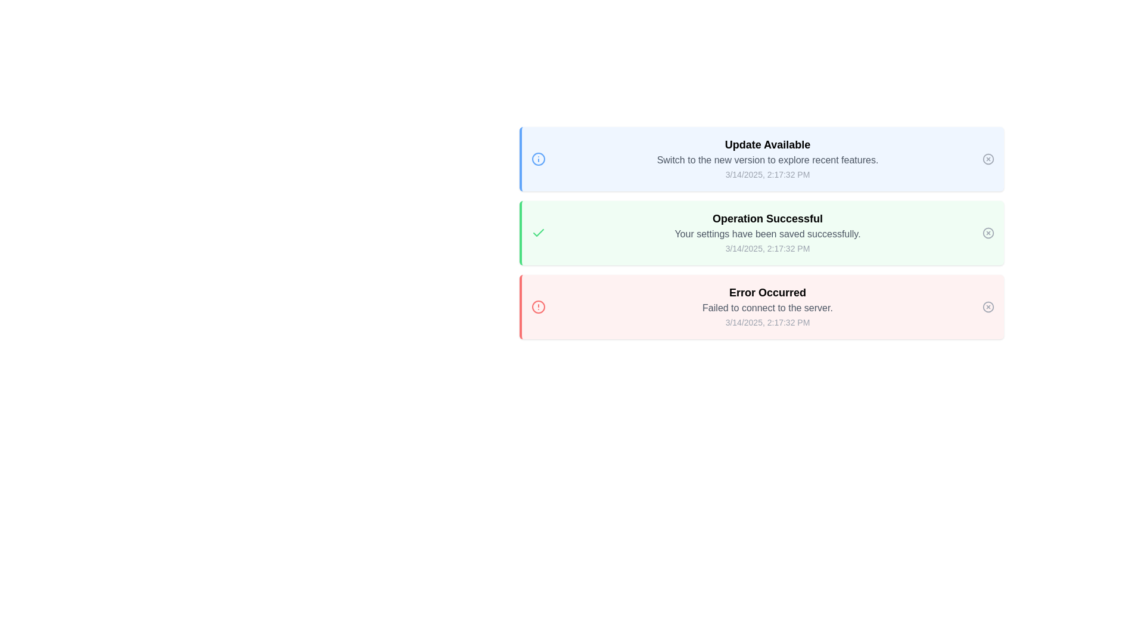 The height and width of the screenshot is (644, 1144). What do you see at coordinates (761, 158) in the screenshot?
I see `the topmost notification box displaying 'Update Available' with a blue background and left border` at bounding box center [761, 158].